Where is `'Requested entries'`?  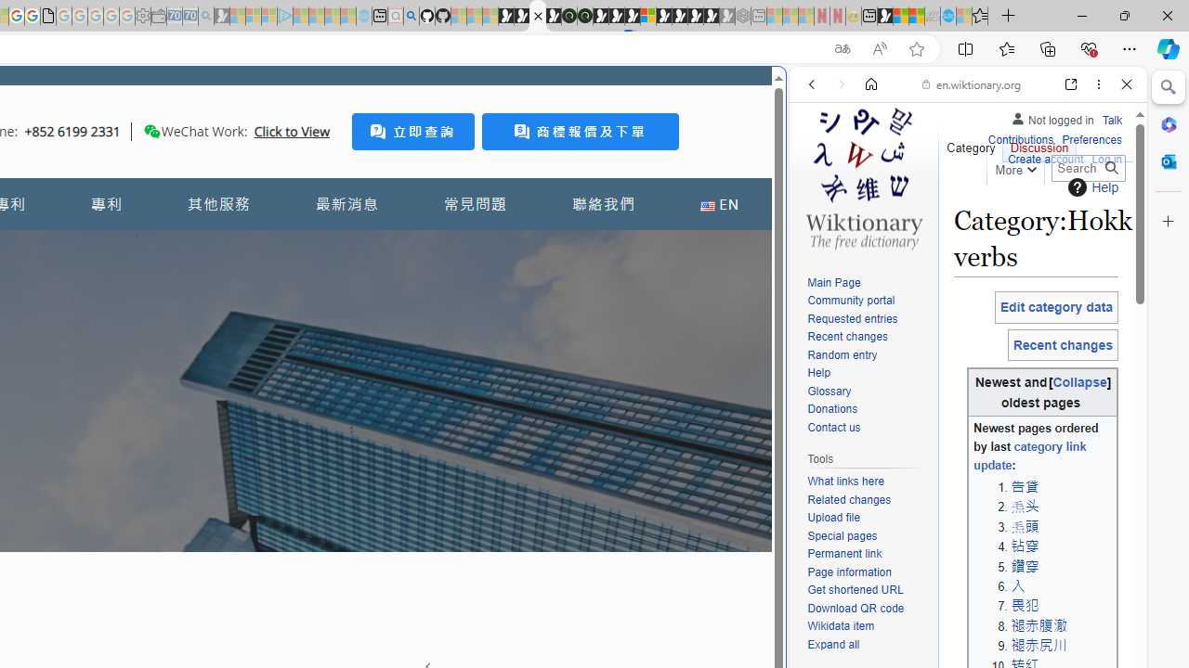 'Requested entries' is located at coordinates (851, 317).